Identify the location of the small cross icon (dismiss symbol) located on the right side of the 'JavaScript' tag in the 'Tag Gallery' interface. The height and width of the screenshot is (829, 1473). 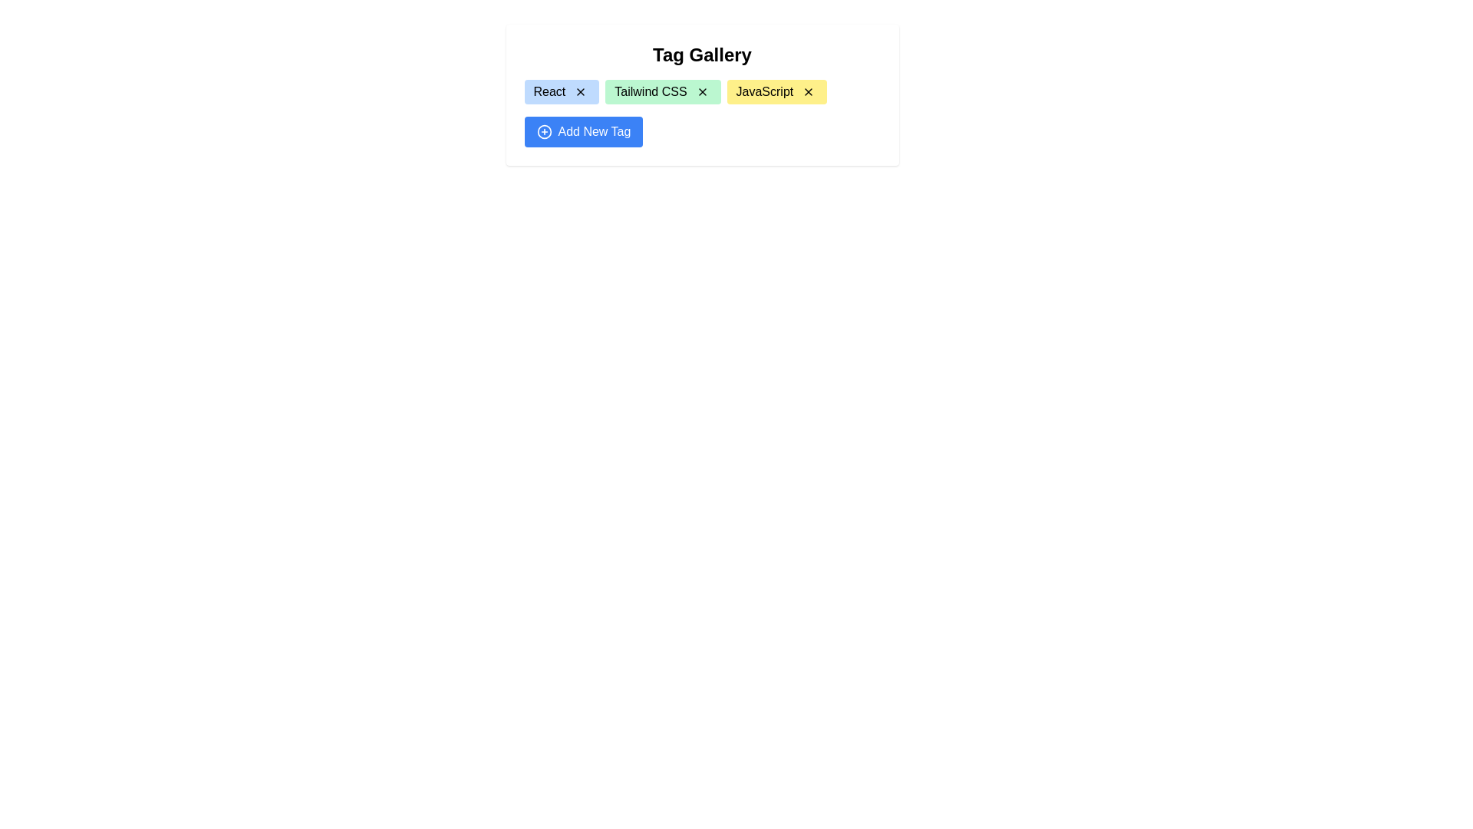
(808, 91).